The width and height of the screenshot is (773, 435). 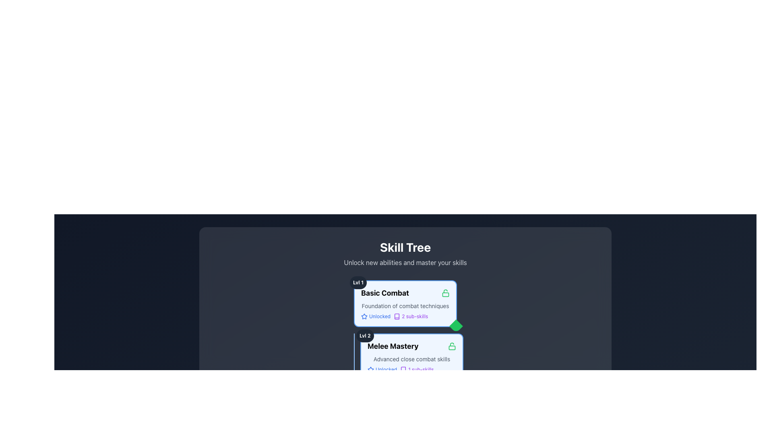 What do you see at coordinates (445, 294) in the screenshot?
I see `rounded-corner rectangle inside the lock icon of the 'Basic Combat' skill box located at the top right side` at bounding box center [445, 294].